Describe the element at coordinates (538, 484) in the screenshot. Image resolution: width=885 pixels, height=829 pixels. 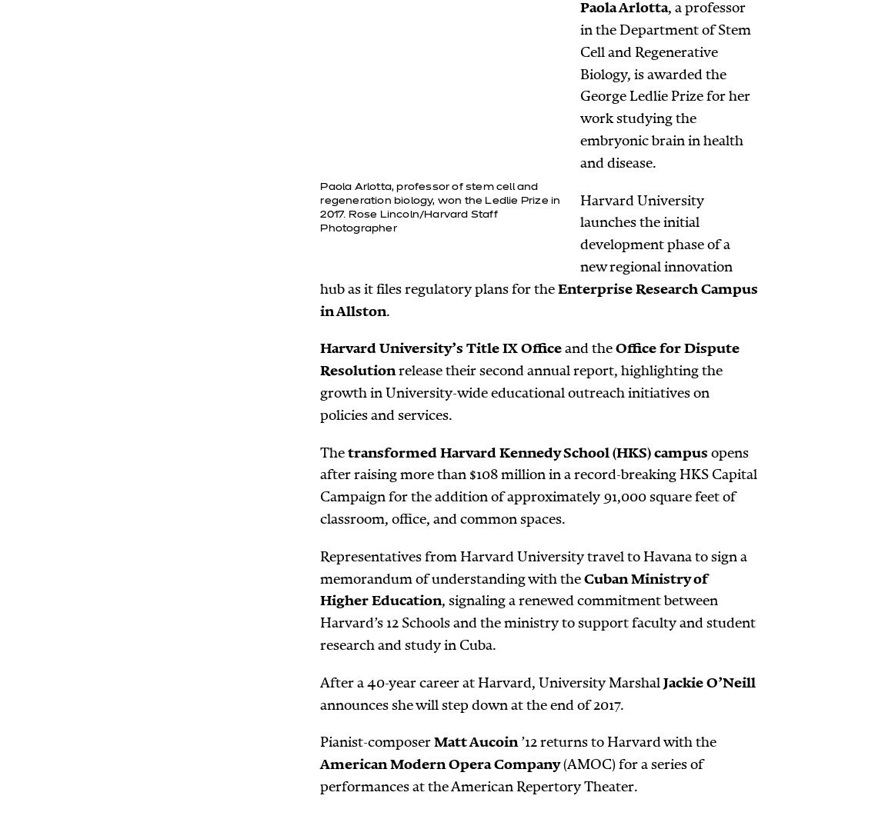
I see `'opens after raising more than $108 million in a record-breaking HKS Capital Campaign for the addition of approximately 91,000 square feet of classroom, office, and common spaces.'` at that location.